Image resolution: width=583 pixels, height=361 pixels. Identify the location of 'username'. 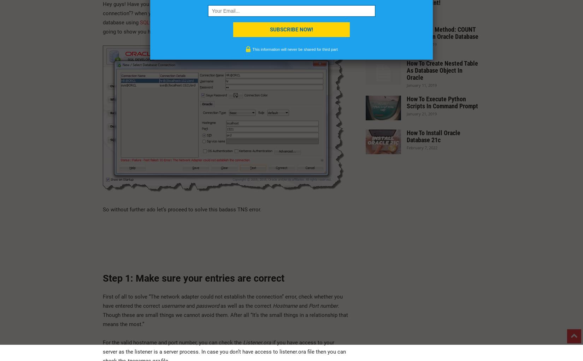
(161, 305).